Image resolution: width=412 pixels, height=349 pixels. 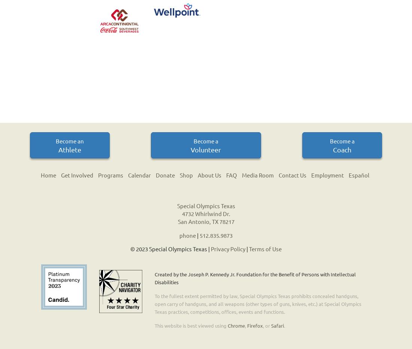 I want to click on 'phone', so click(x=188, y=234).